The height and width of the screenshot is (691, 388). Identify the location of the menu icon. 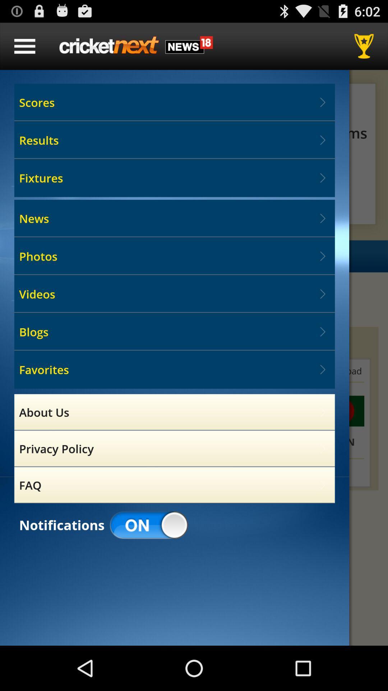
(24, 49).